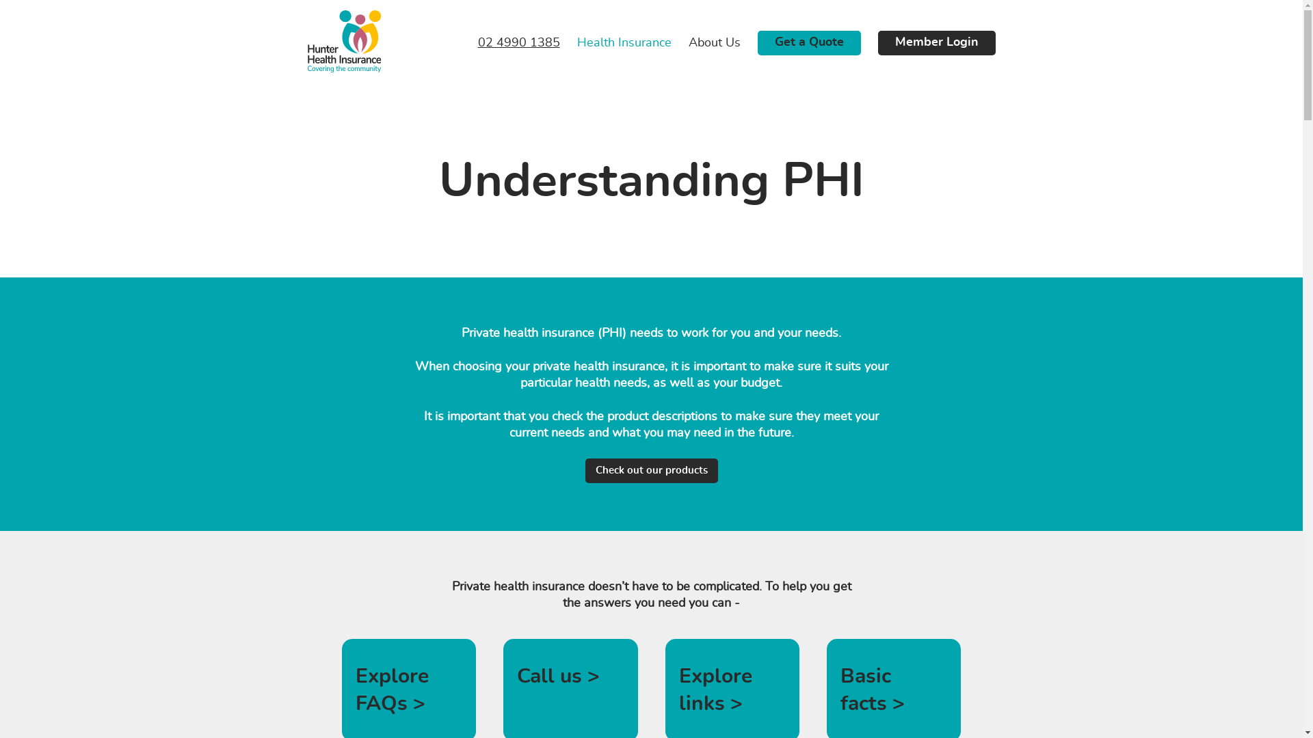 This screenshot has height=738, width=1313. Describe the element at coordinates (872, 690) in the screenshot. I see `'Basic facts >'` at that location.